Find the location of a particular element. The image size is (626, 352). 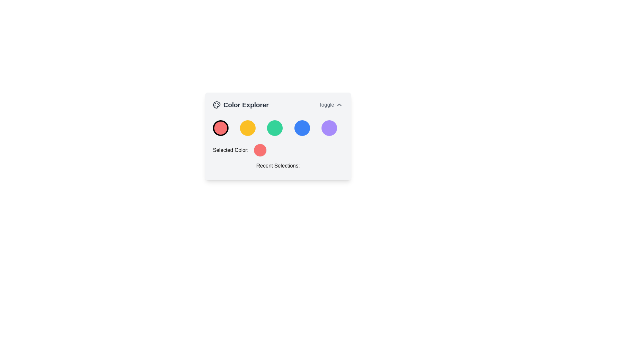

the color selection panel located below the 'Color Explorer' header is located at coordinates (278, 136).